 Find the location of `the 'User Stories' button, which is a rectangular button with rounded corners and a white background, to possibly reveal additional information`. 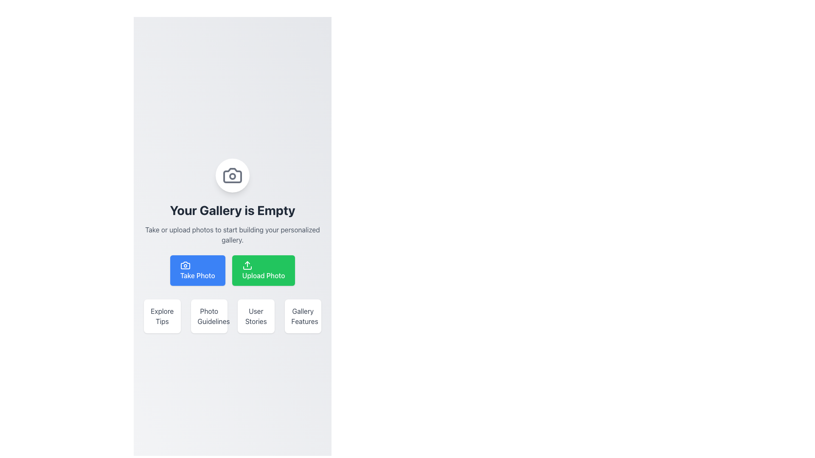

the 'User Stories' button, which is a rectangular button with rounded corners and a white background, to possibly reveal additional information is located at coordinates (256, 316).